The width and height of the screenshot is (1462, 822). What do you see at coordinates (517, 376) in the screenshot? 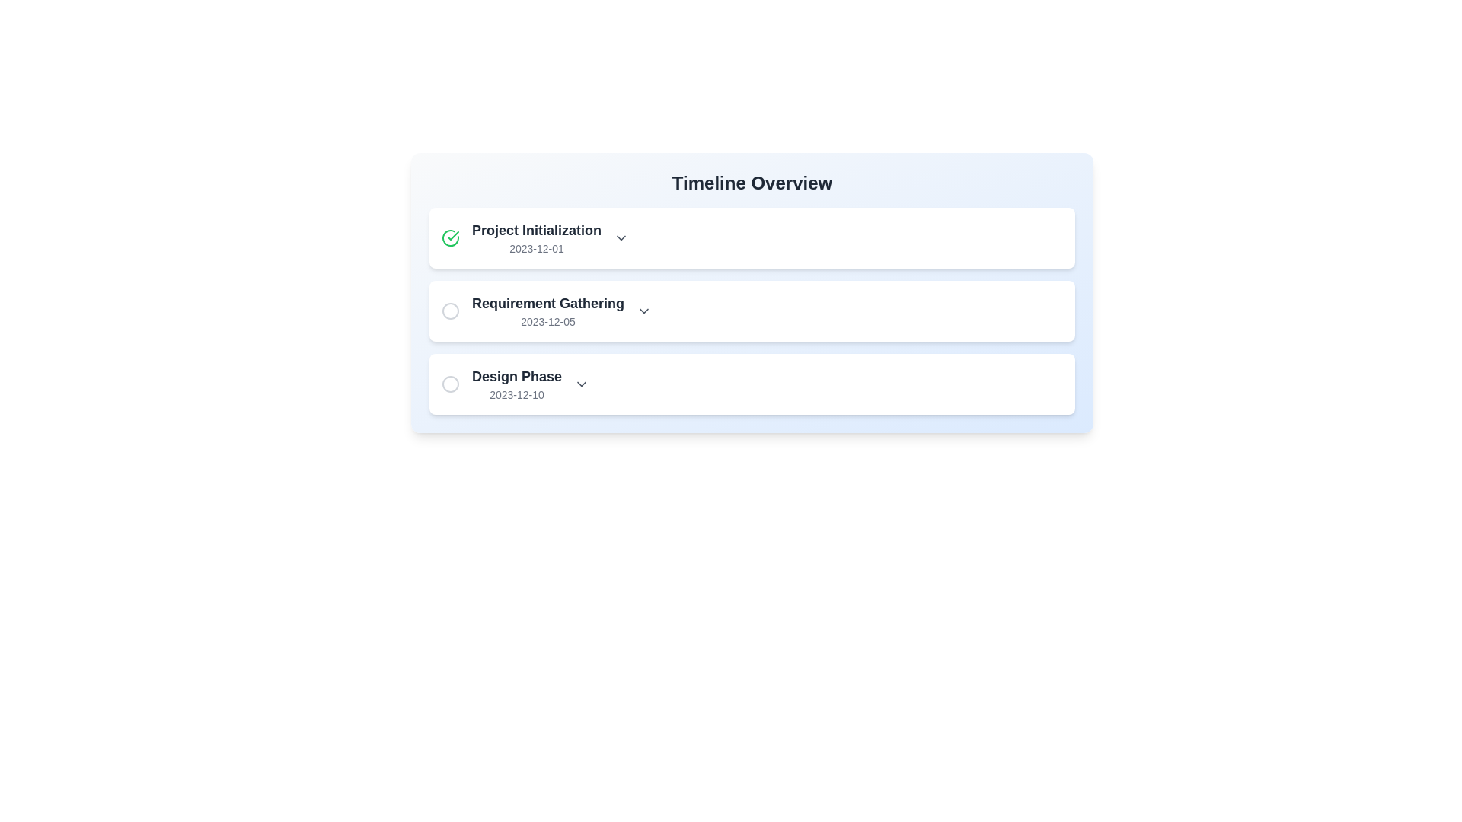
I see `the text label displaying 'Design Phase' which is the primary title of the third list item in the vertical sequence under 'Timeline Overview'` at bounding box center [517, 376].